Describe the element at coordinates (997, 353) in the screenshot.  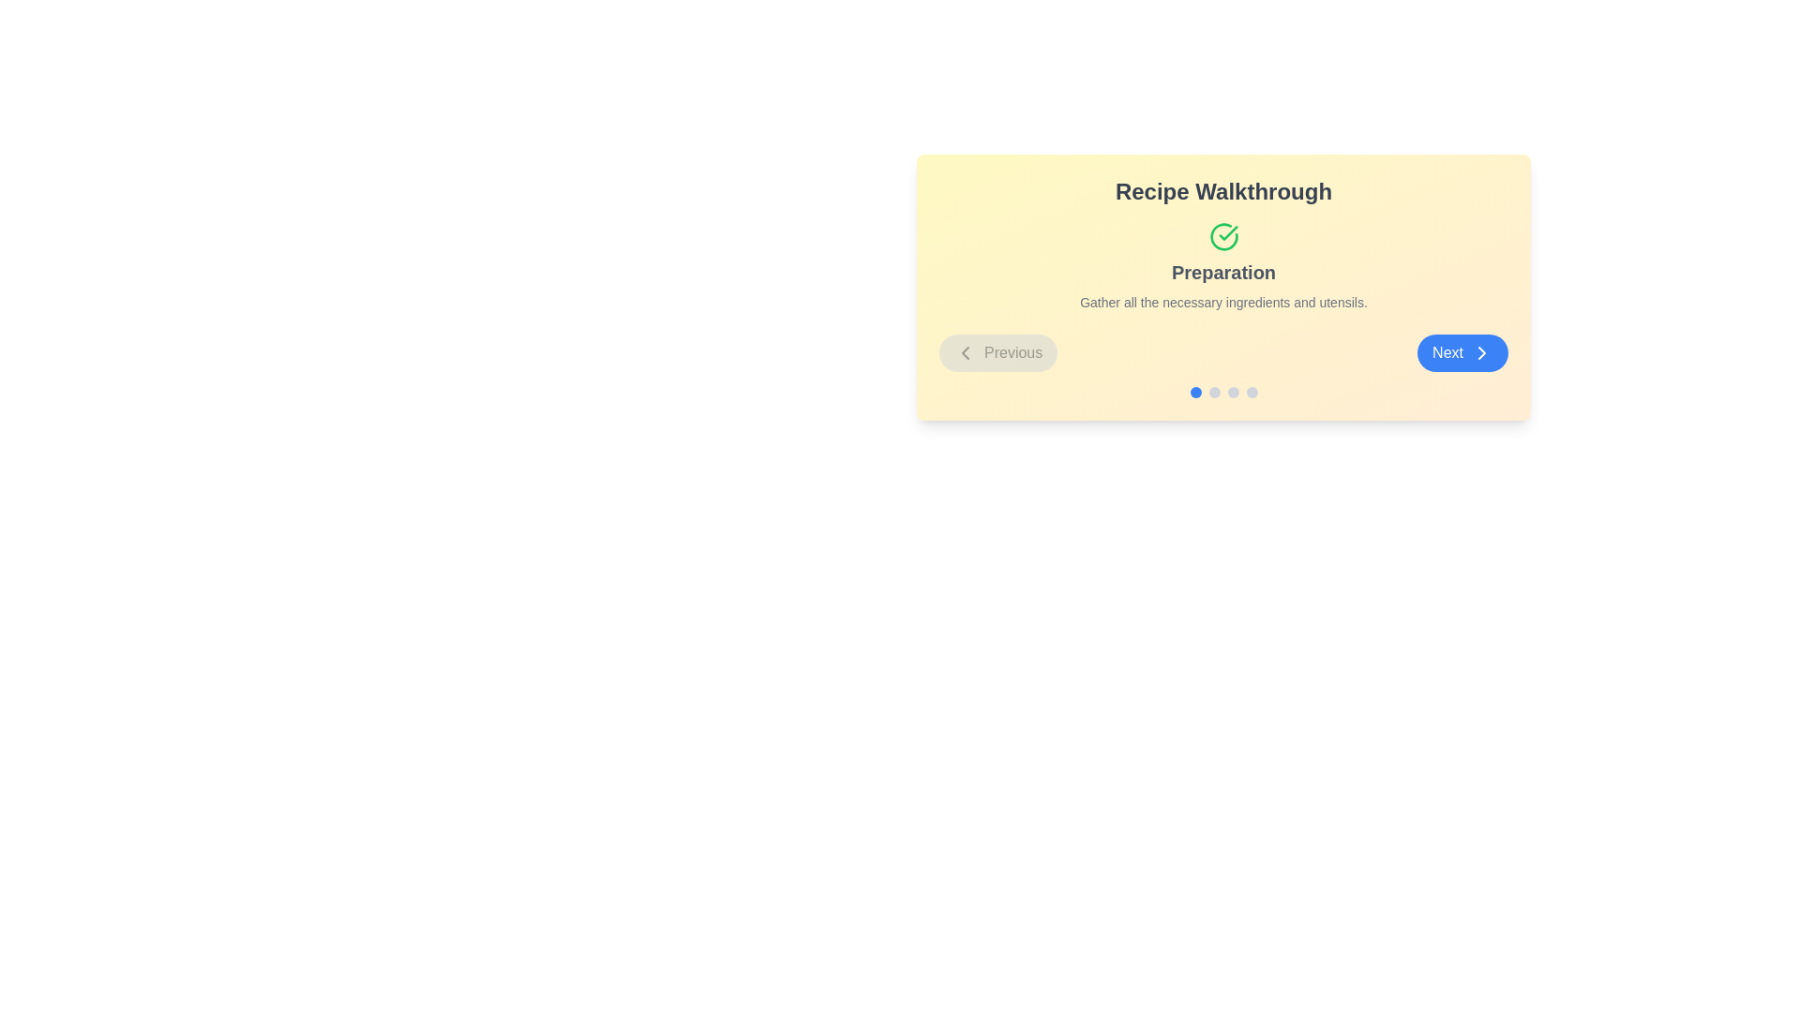
I see `the 'Previous' button located on the left side of the navigation control section at the bottom of the 'Recipe Walkthrough' card` at that location.